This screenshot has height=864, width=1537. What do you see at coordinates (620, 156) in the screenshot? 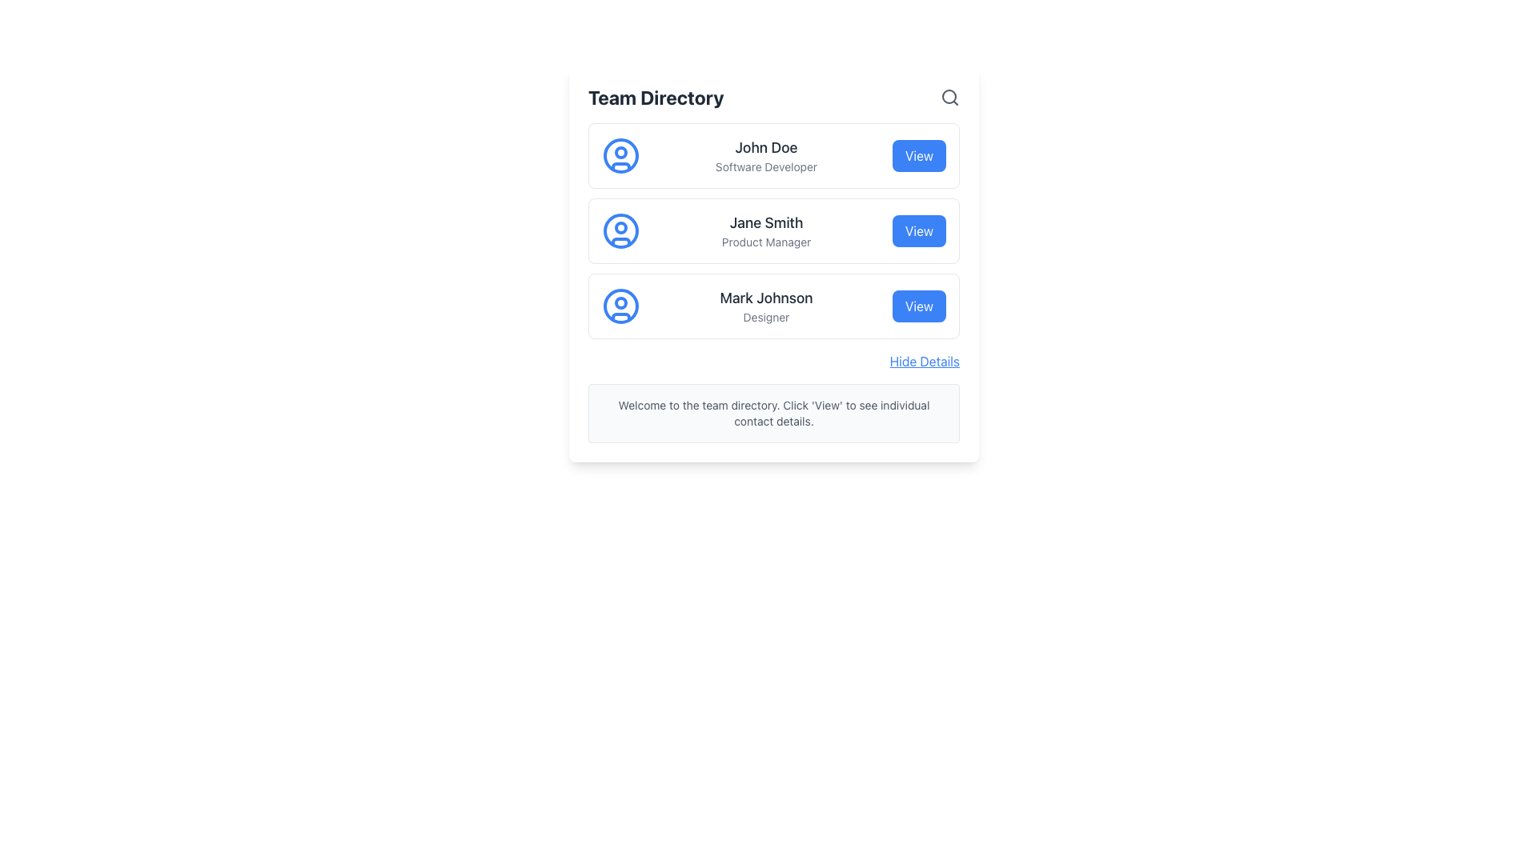
I see `the Circular SVG shape that serves as the outer boundary of the user profile icon for 'John Doe', which is located to the left of the text in the user profiles list` at bounding box center [620, 156].